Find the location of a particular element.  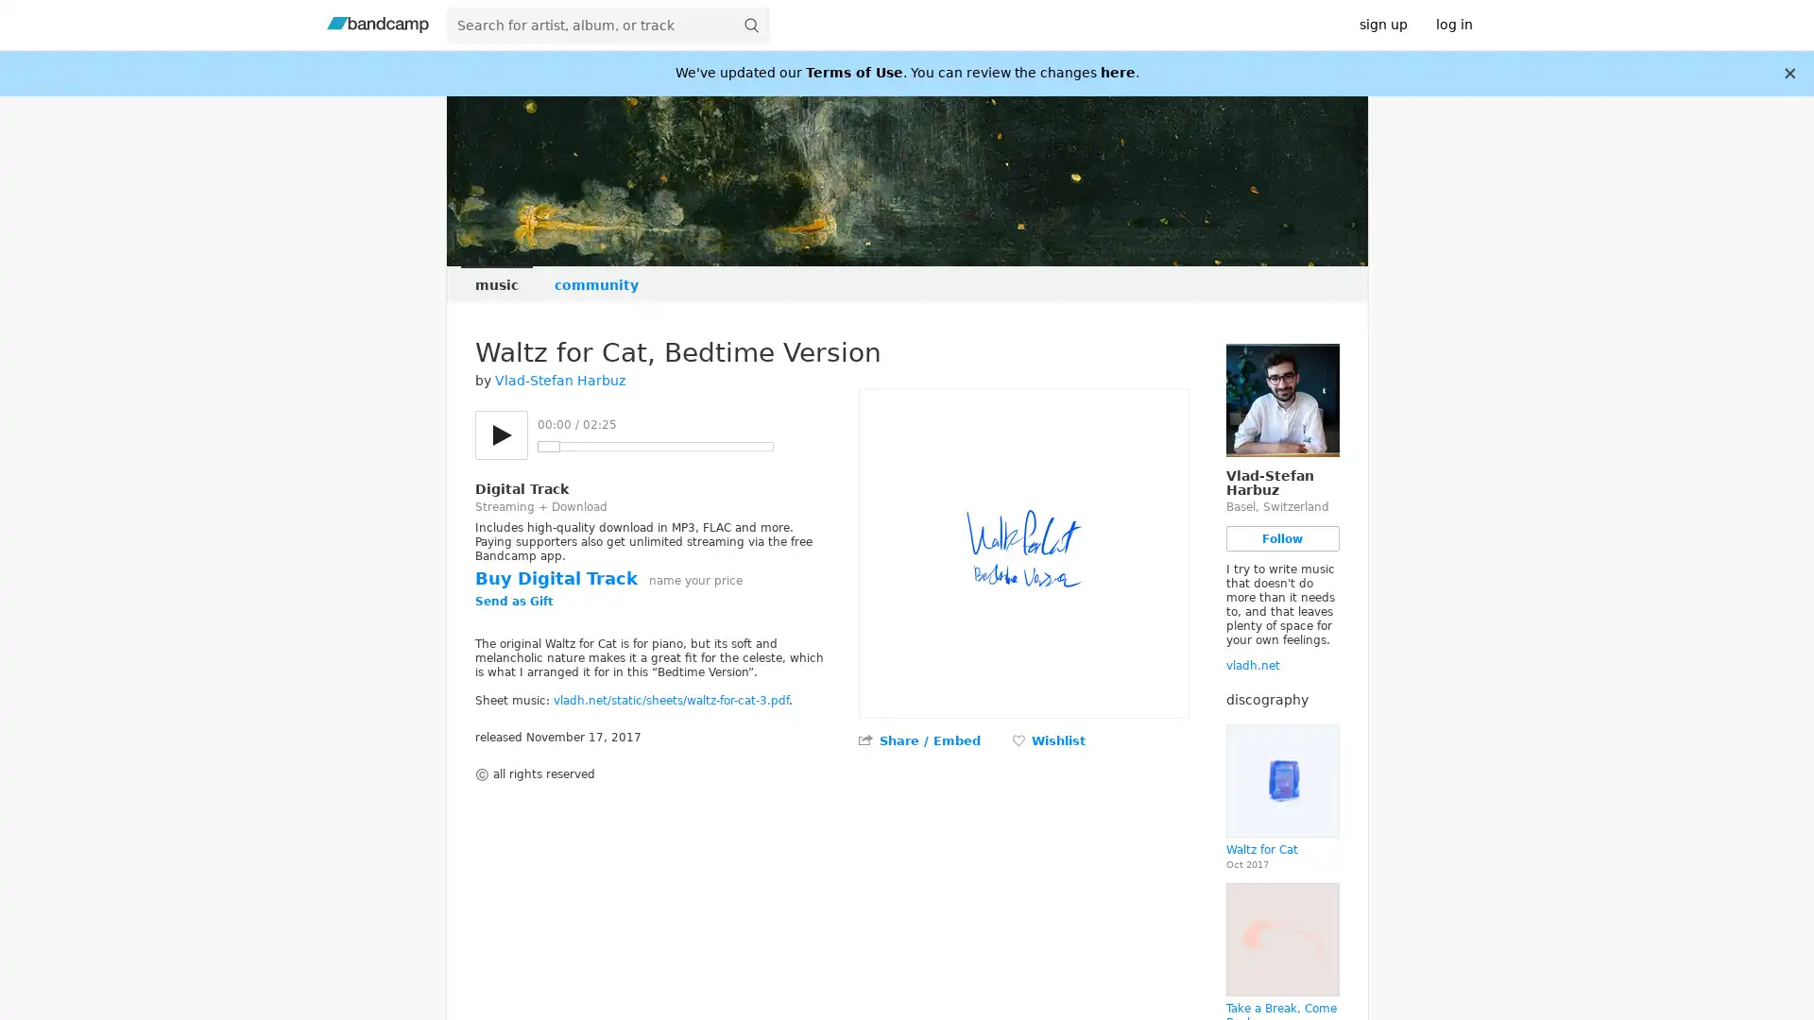

Digital Track is located at coordinates (521, 487).